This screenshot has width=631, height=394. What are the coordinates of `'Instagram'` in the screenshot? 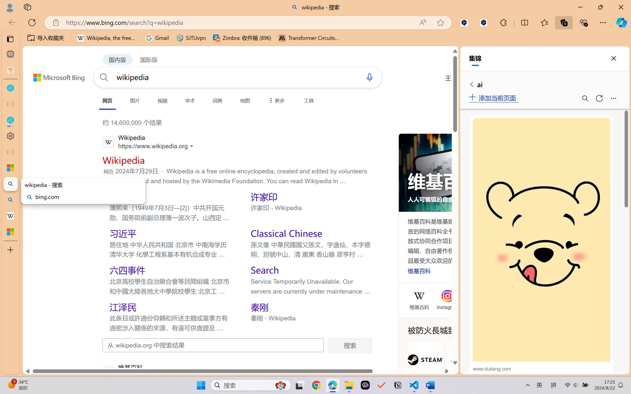 It's located at (448, 306).